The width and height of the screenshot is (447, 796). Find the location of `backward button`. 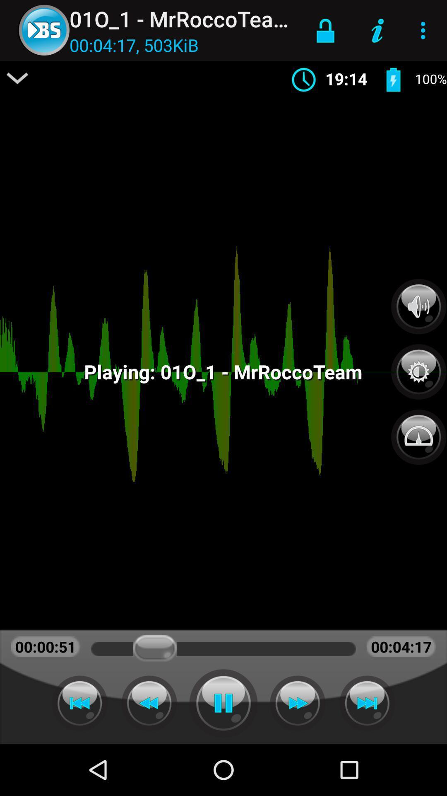

backward button is located at coordinates (79, 703).